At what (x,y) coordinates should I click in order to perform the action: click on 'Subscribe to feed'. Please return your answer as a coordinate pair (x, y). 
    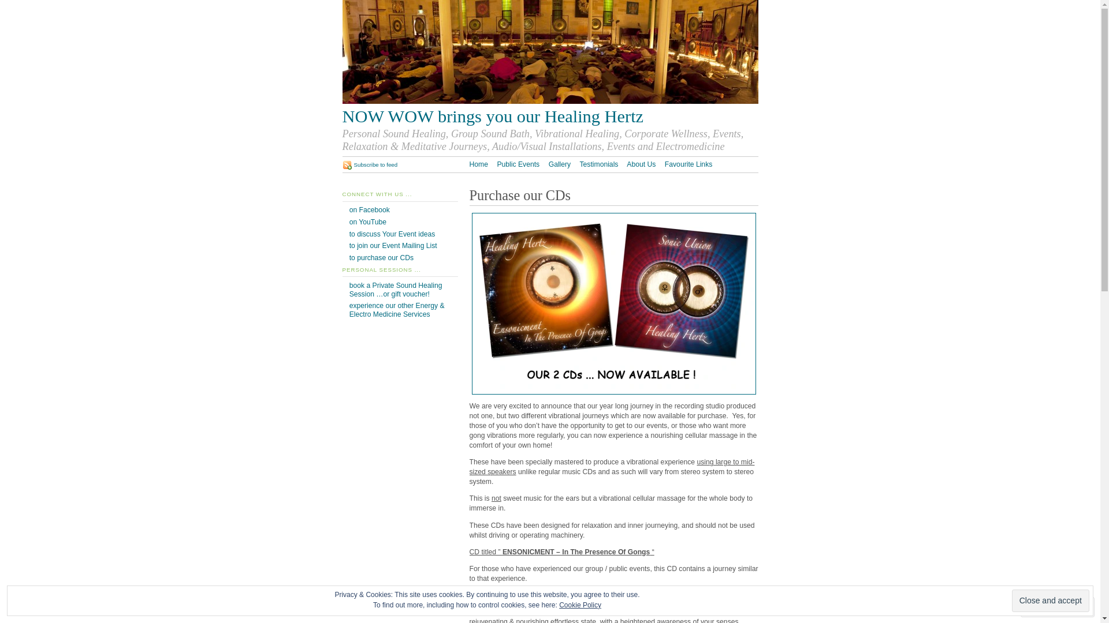
    Looking at the image, I should click on (369, 164).